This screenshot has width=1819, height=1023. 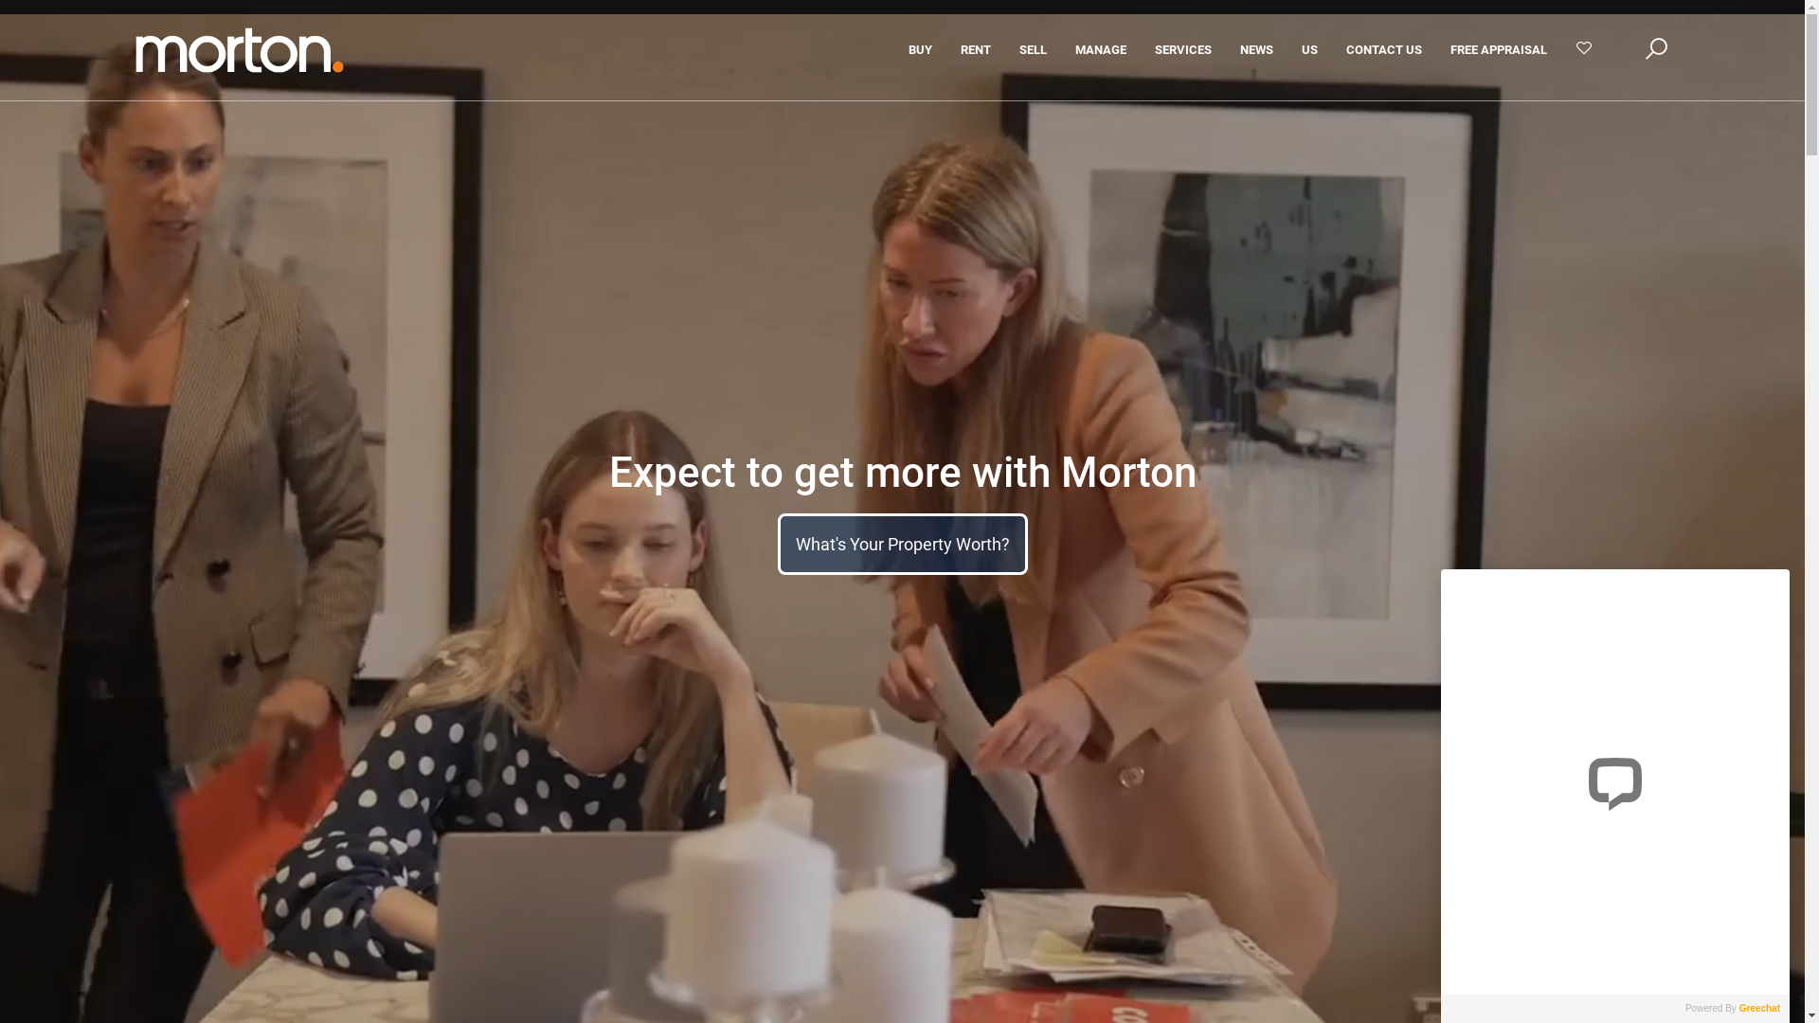 What do you see at coordinates (1032, 49) in the screenshot?
I see `'SELL'` at bounding box center [1032, 49].